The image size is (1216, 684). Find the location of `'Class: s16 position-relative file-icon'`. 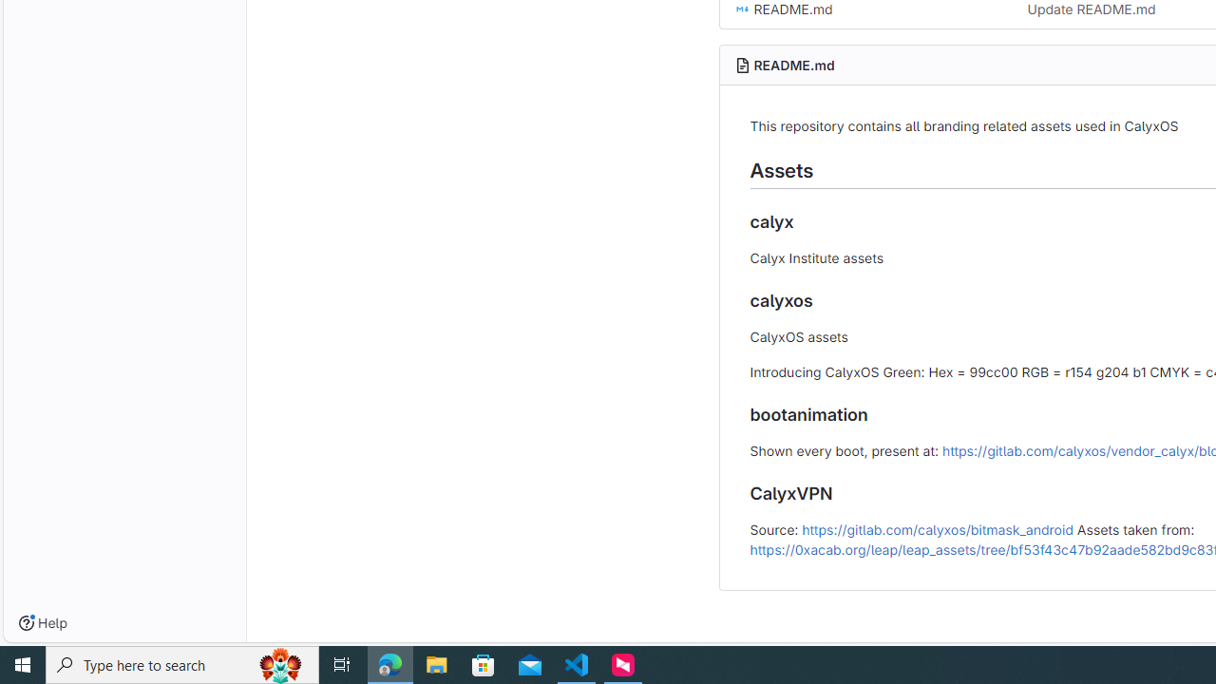

'Class: s16 position-relative file-icon' is located at coordinates (741, 9).